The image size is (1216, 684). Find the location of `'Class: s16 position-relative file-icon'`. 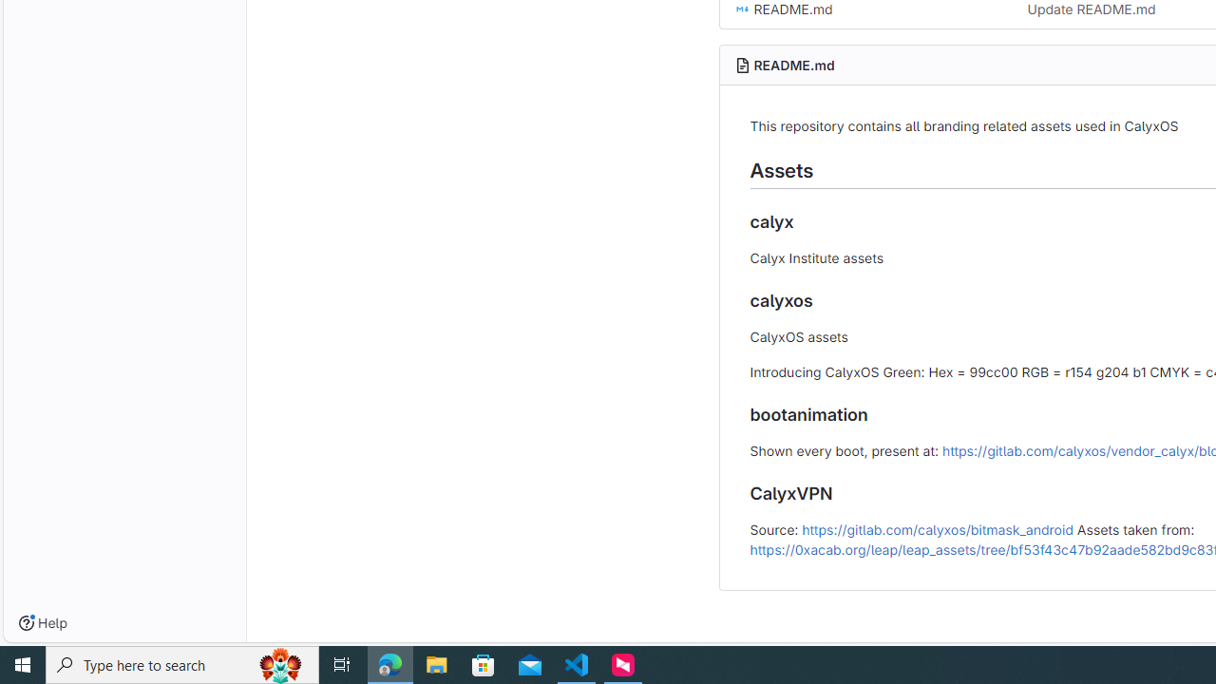

'Class: s16 position-relative file-icon' is located at coordinates (741, 9).